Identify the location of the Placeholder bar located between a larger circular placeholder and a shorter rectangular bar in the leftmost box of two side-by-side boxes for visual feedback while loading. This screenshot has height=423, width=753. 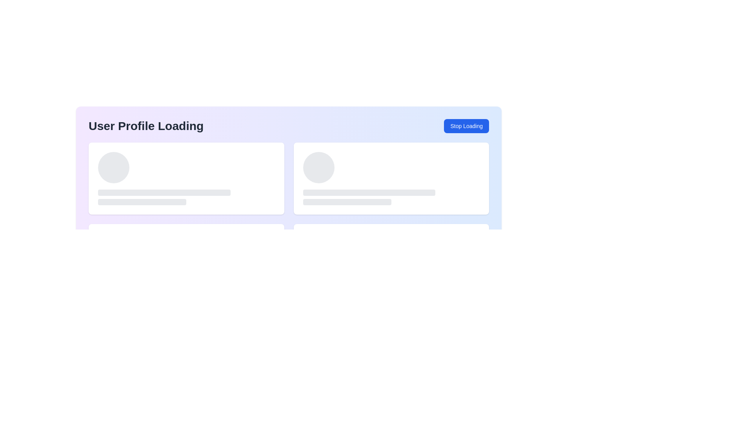
(164, 193).